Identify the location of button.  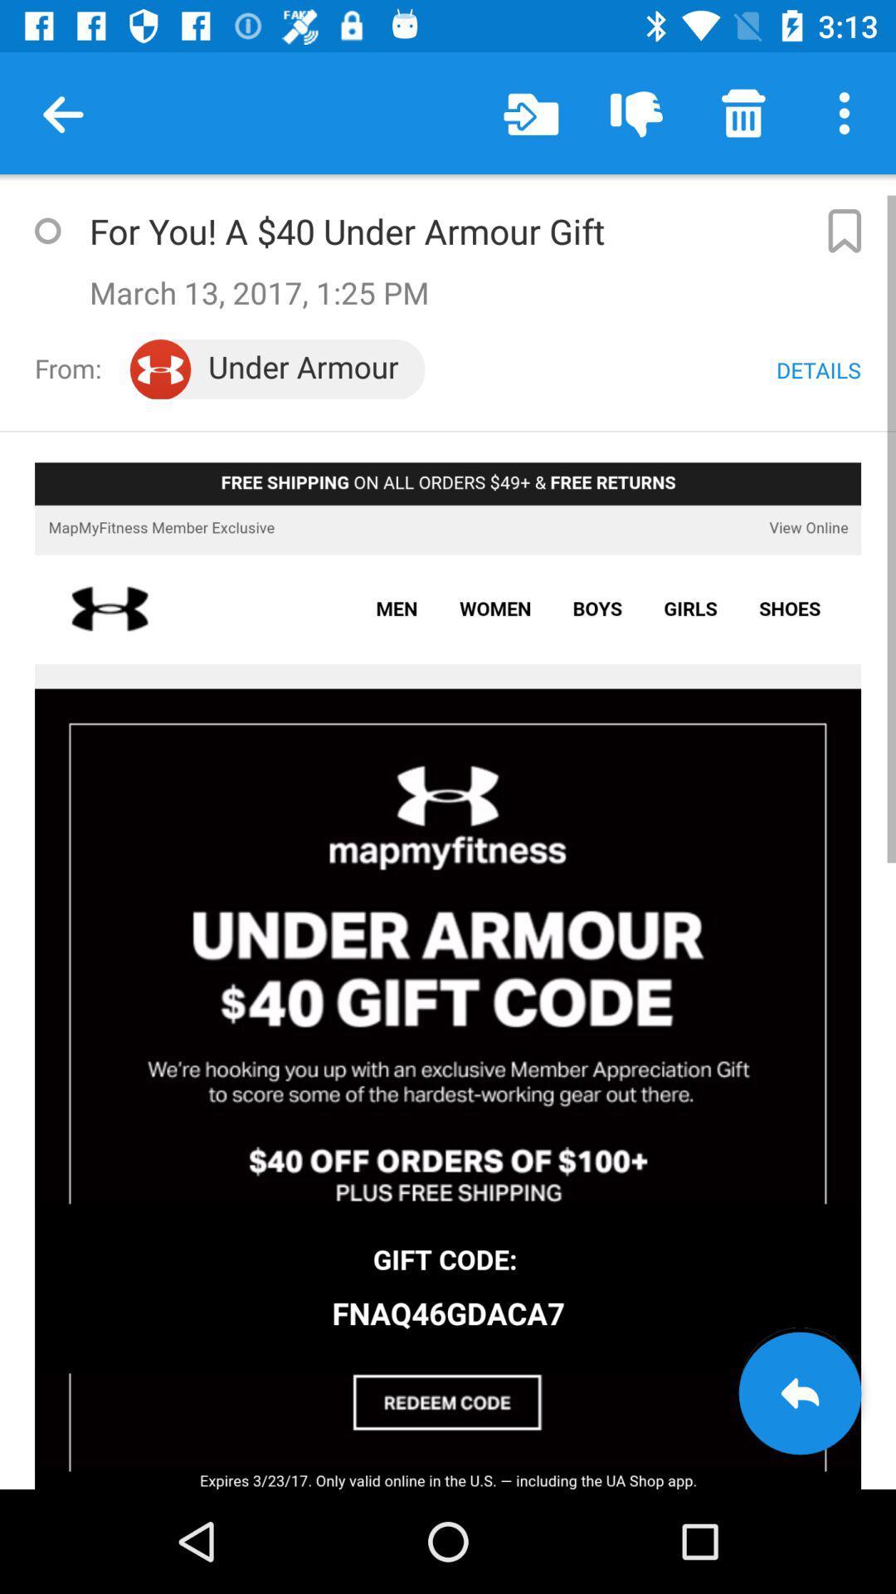
(46, 230).